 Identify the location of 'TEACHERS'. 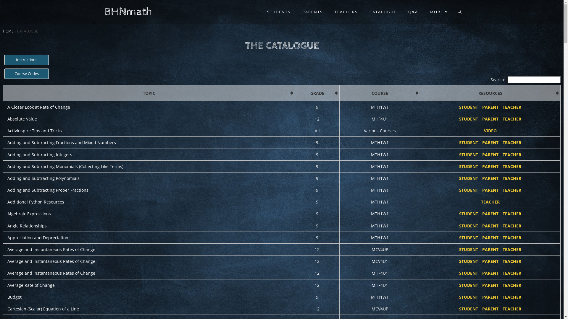
(346, 12).